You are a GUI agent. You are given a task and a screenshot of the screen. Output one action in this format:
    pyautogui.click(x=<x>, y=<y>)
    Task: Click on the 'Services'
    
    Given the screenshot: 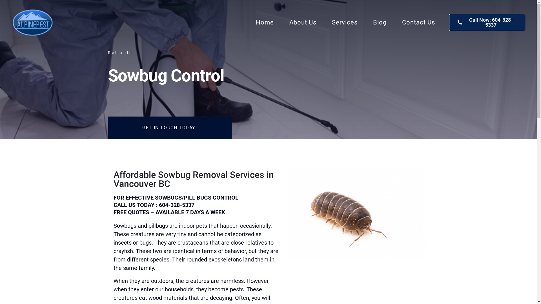 What is the action you would take?
    pyautogui.click(x=344, y=22)
    